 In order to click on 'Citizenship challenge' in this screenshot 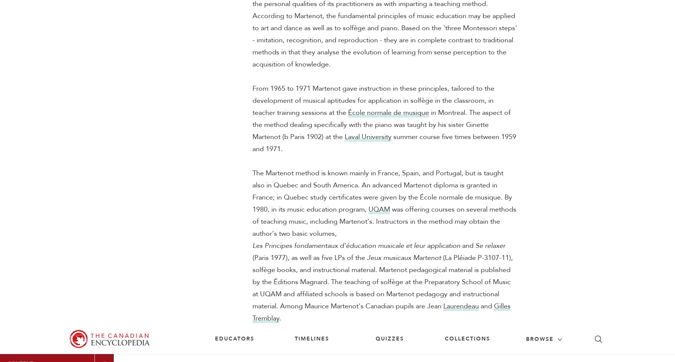, I will do `click(566, 311)`.